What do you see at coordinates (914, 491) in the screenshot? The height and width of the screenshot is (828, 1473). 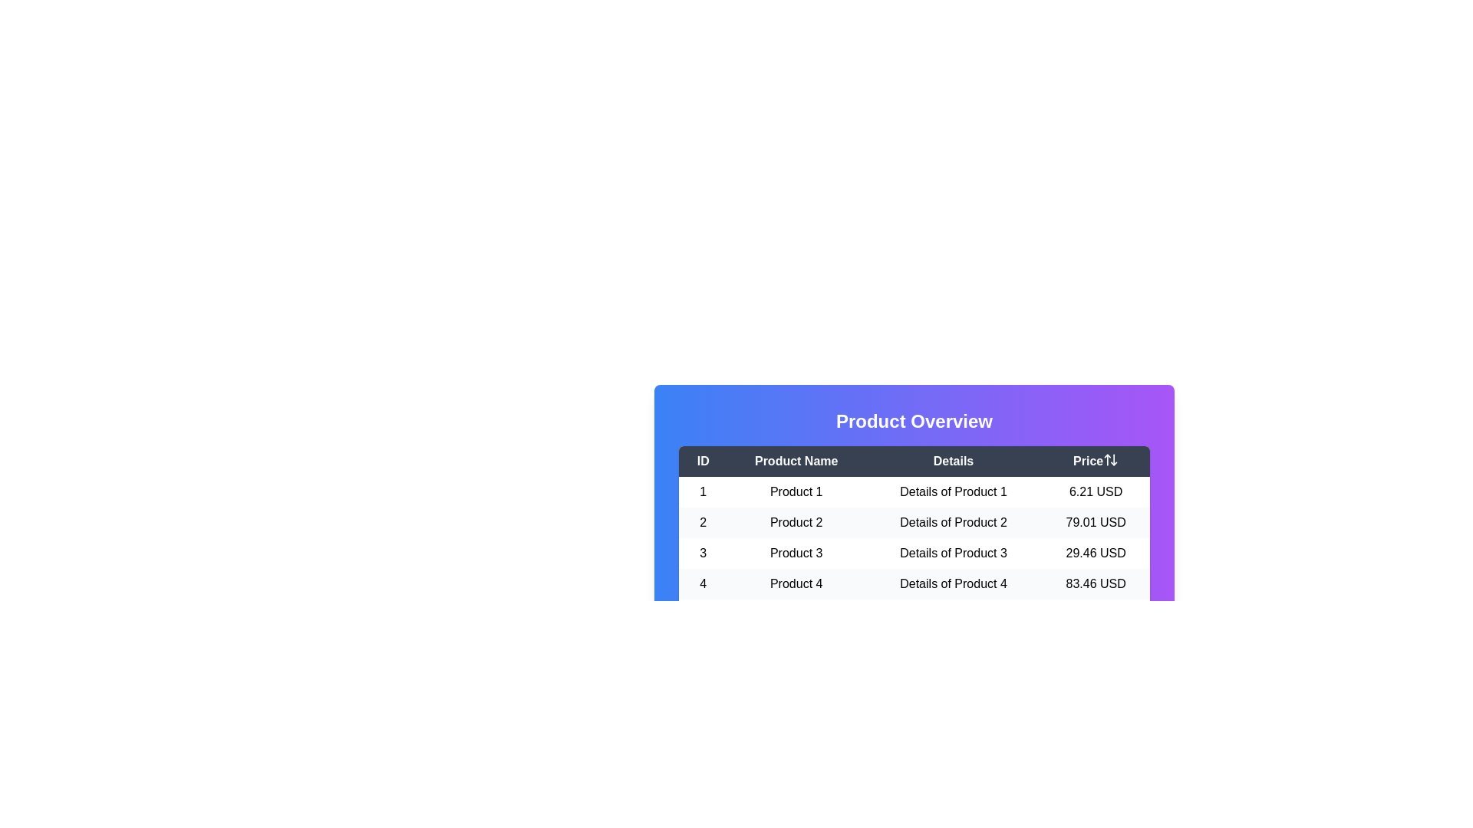 I see `the row corresponding to 1` at bounding box center [914, 491].